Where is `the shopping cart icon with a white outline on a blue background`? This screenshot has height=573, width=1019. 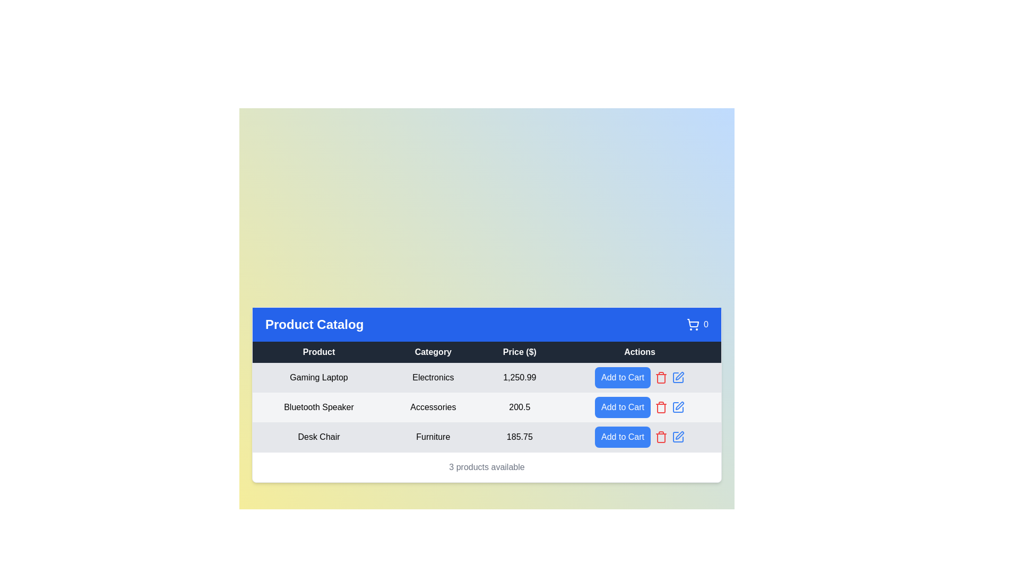
the shopping cart icon with a white outline on a blue background is located at coordinates (693, 324).